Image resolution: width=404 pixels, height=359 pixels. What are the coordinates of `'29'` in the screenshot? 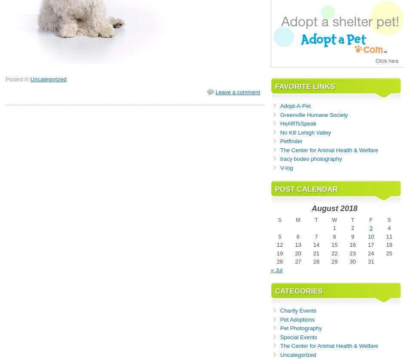 It's located at (331, 261).